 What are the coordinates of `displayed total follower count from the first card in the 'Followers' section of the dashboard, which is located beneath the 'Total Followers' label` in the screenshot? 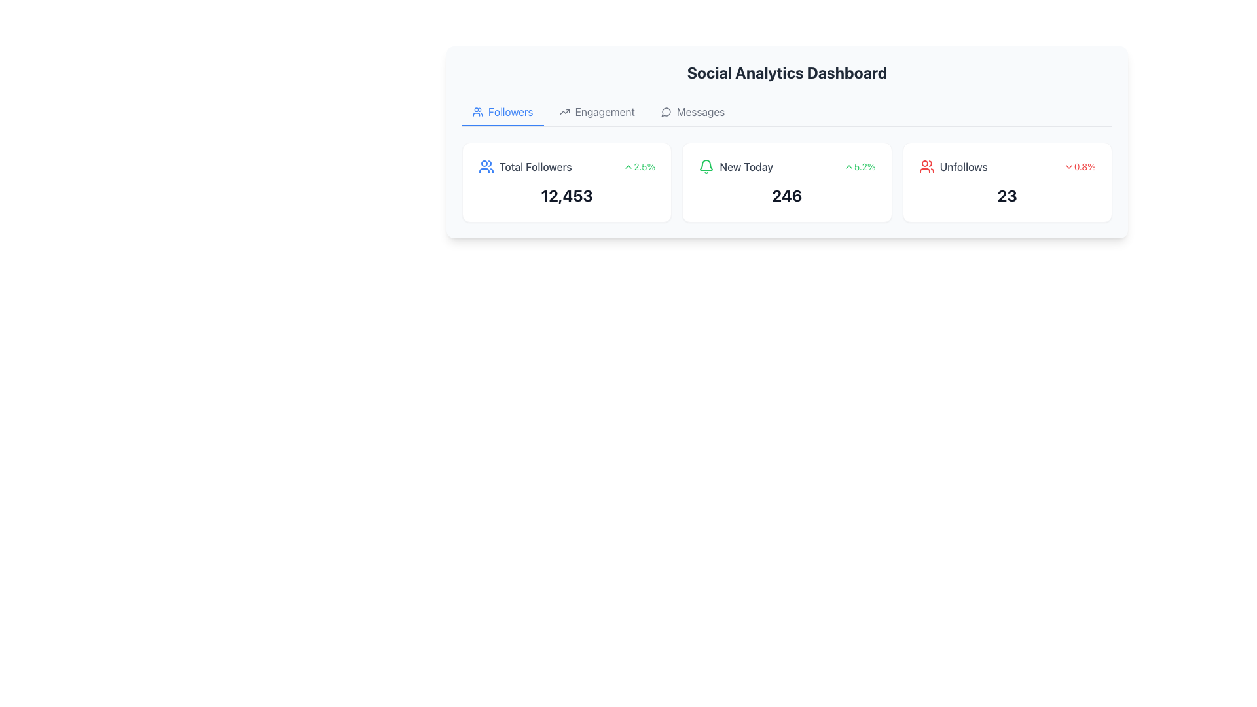 It's located at (567, 196).